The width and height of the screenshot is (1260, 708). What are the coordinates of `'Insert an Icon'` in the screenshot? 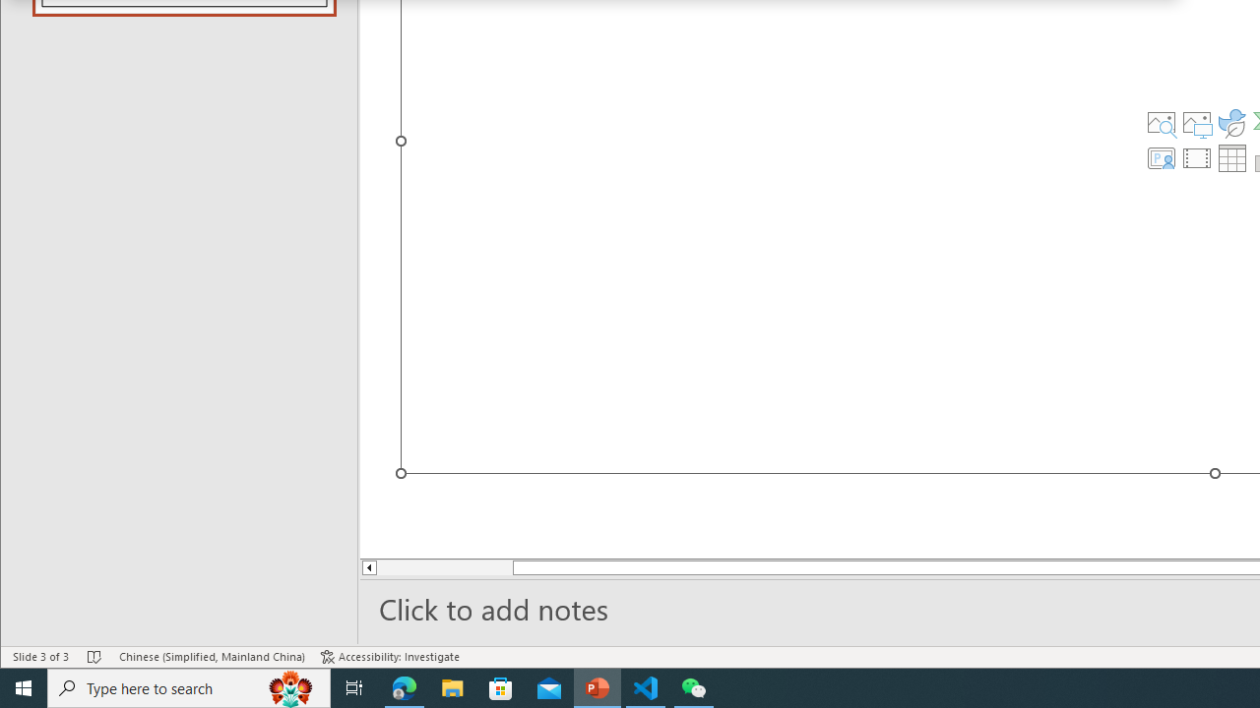 It's located at (1231, 122).